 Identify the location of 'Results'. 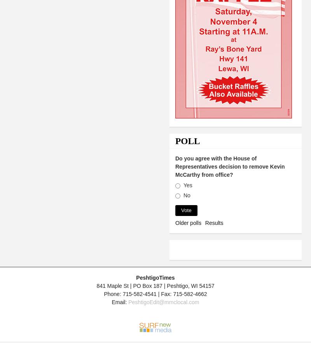
(214, 223).